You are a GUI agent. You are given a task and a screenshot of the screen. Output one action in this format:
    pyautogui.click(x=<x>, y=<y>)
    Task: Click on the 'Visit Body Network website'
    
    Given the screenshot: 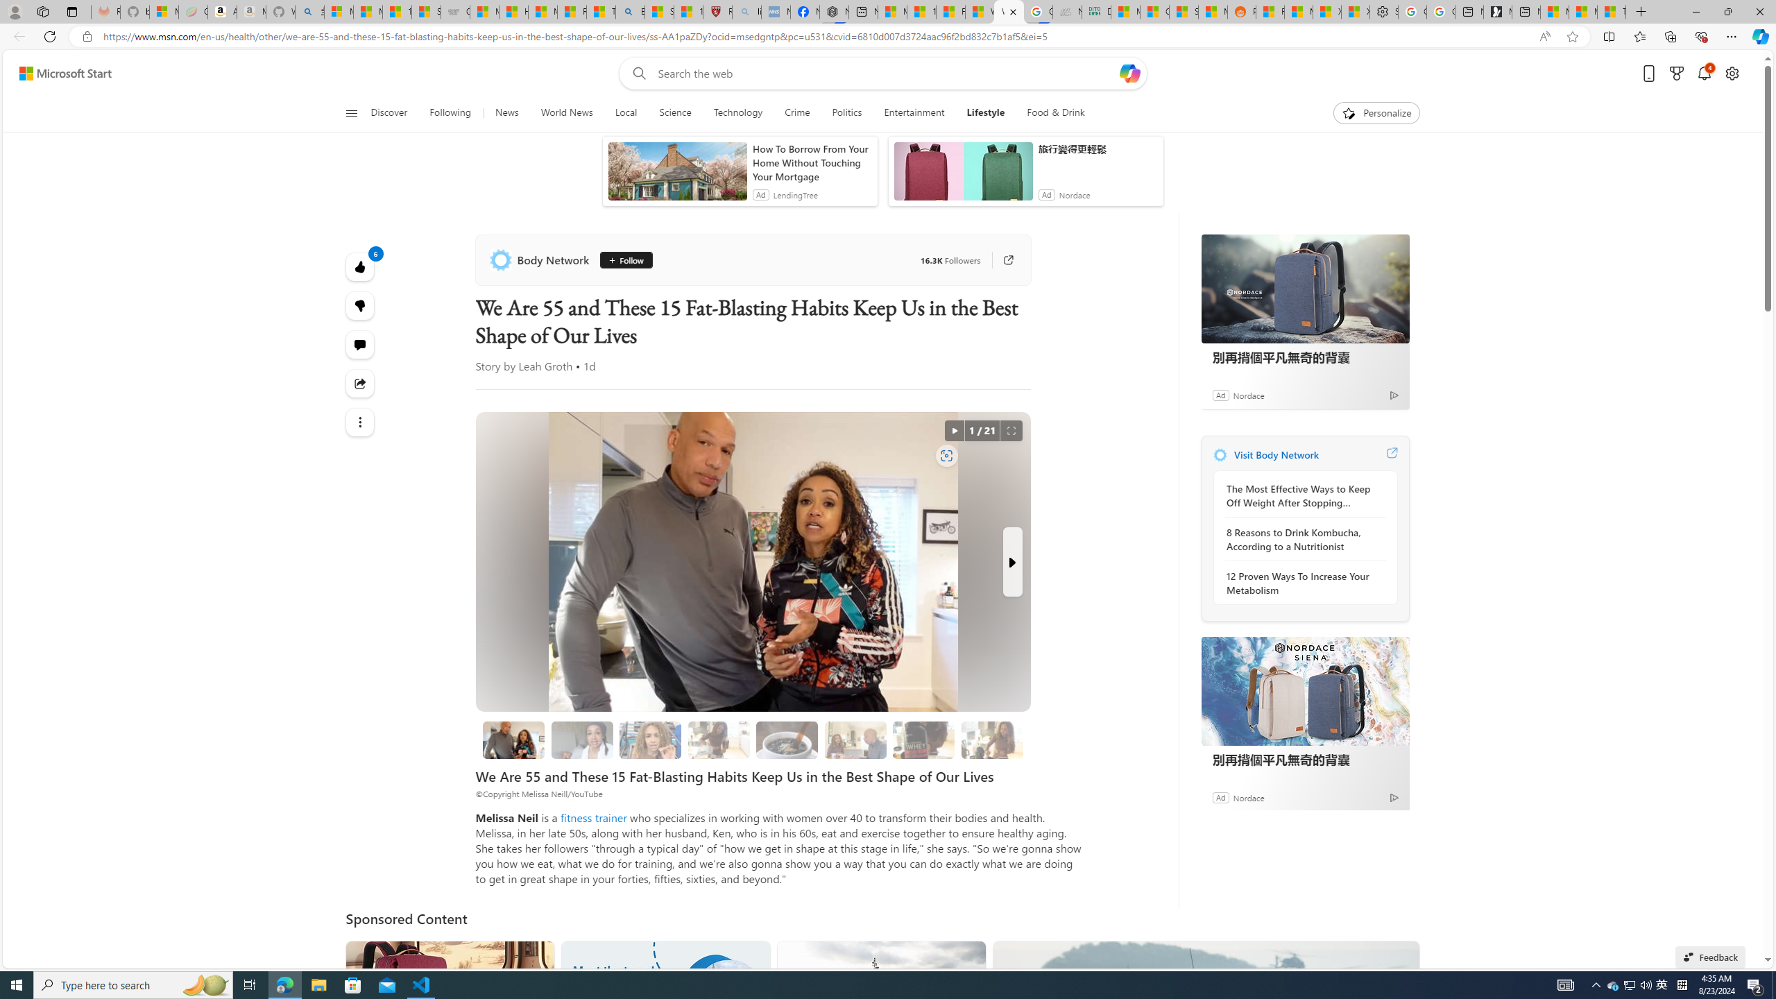 What is the action you would take?
    pyautogui.click(x=1391, y=454)
    